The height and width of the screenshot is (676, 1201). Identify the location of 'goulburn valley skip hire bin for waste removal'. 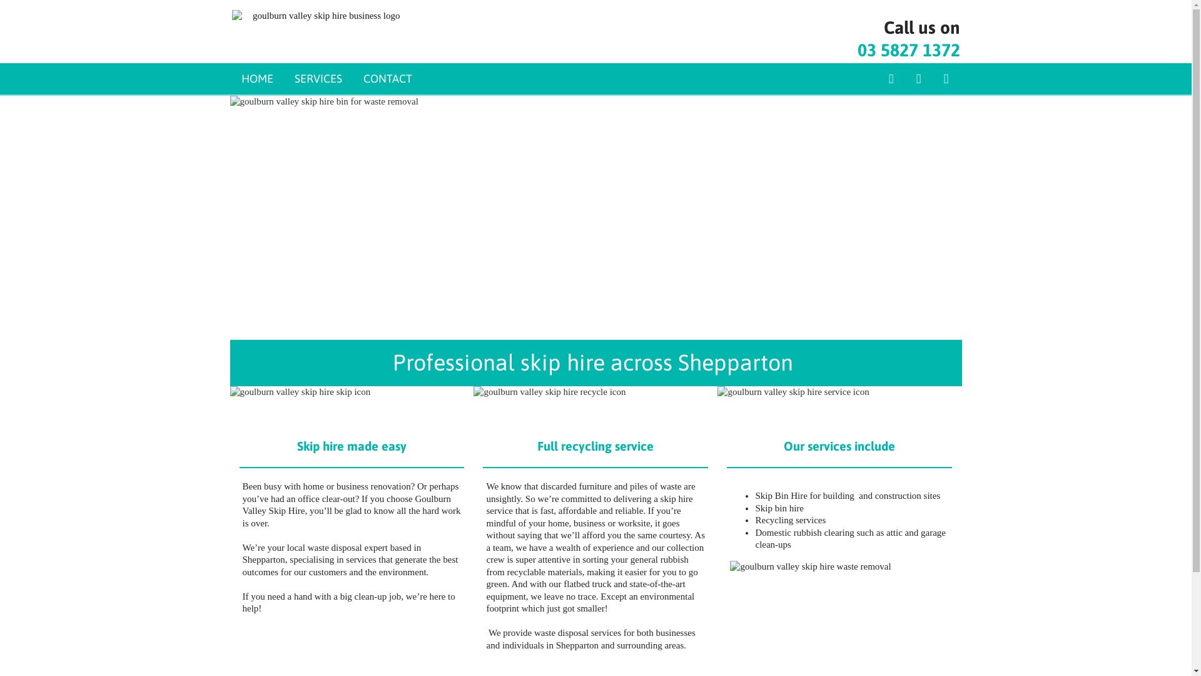
(595, 217).